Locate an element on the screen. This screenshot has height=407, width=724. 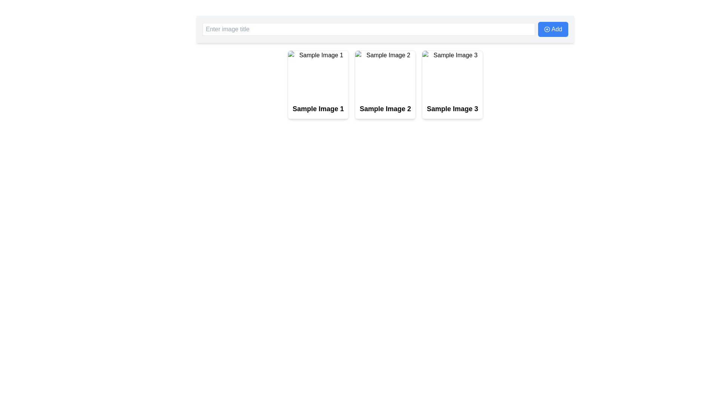
text label located at the bottom of the card titled 'Sample Image 3', which describes the card's content is located at coordinates (452, 109).